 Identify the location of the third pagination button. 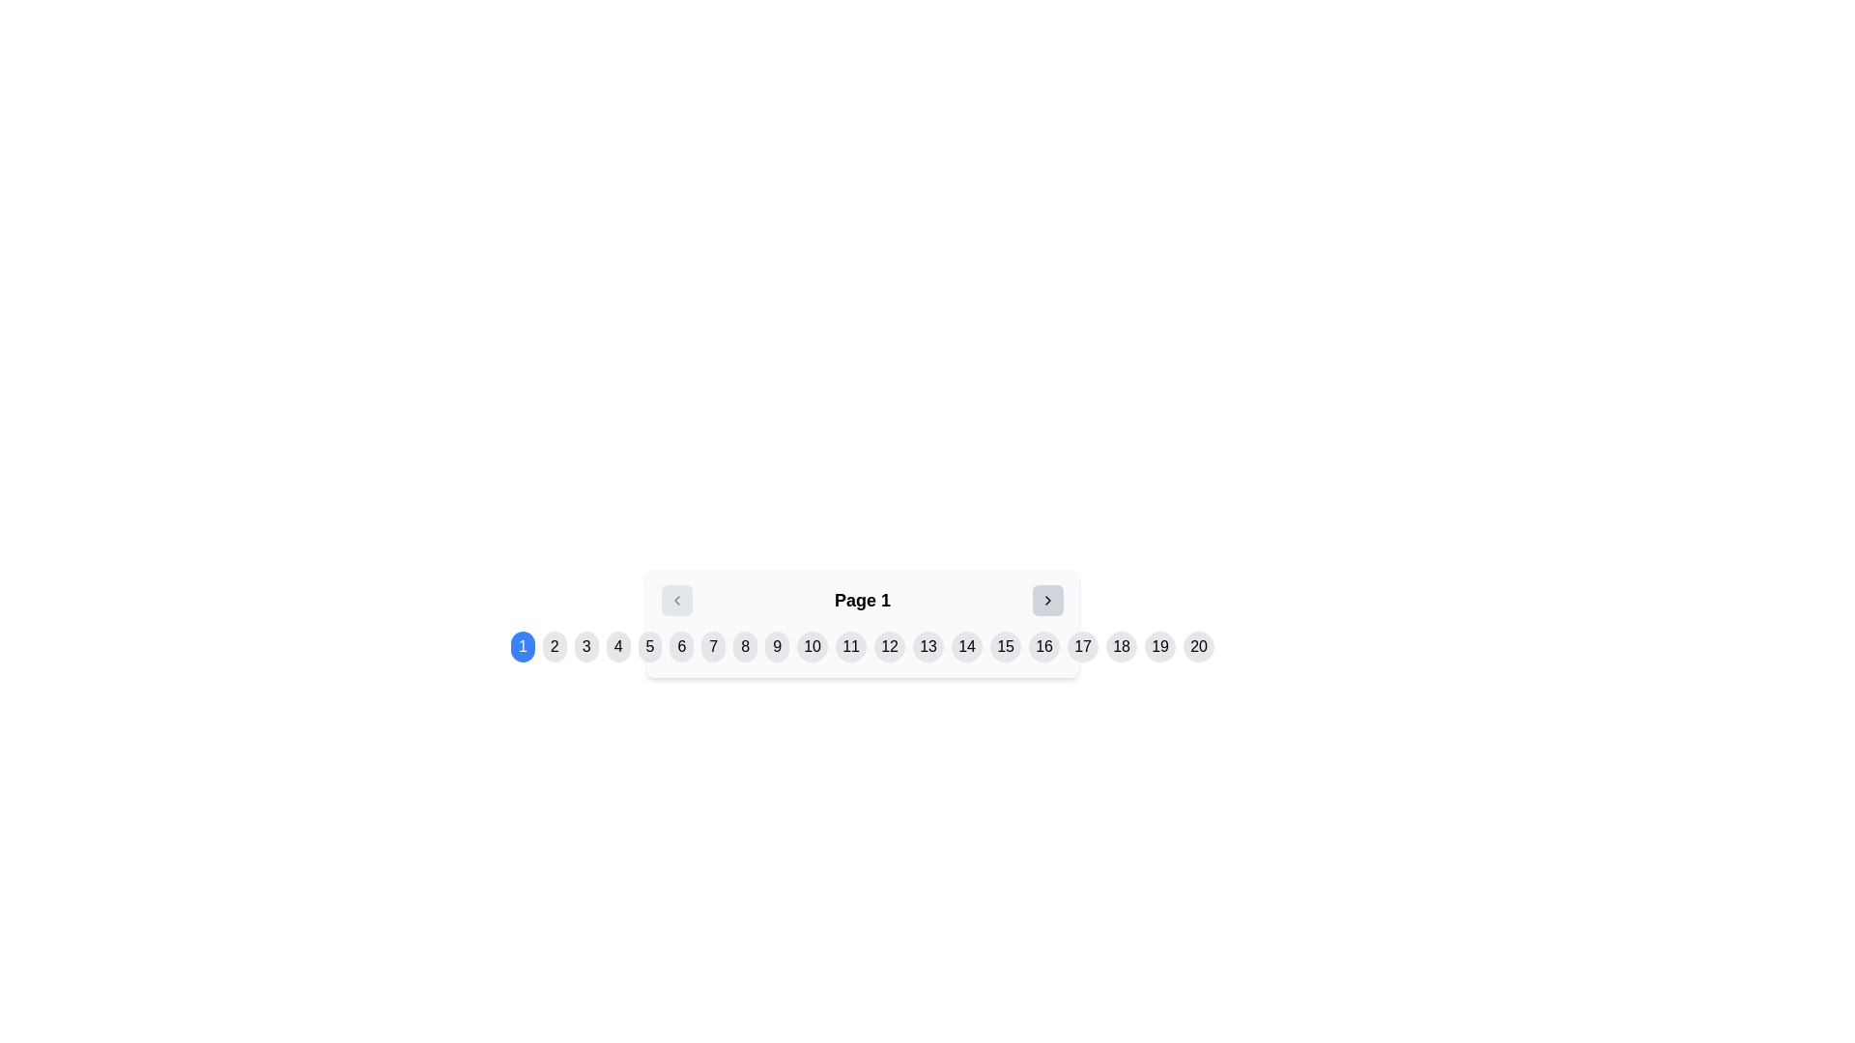
(585, 647).